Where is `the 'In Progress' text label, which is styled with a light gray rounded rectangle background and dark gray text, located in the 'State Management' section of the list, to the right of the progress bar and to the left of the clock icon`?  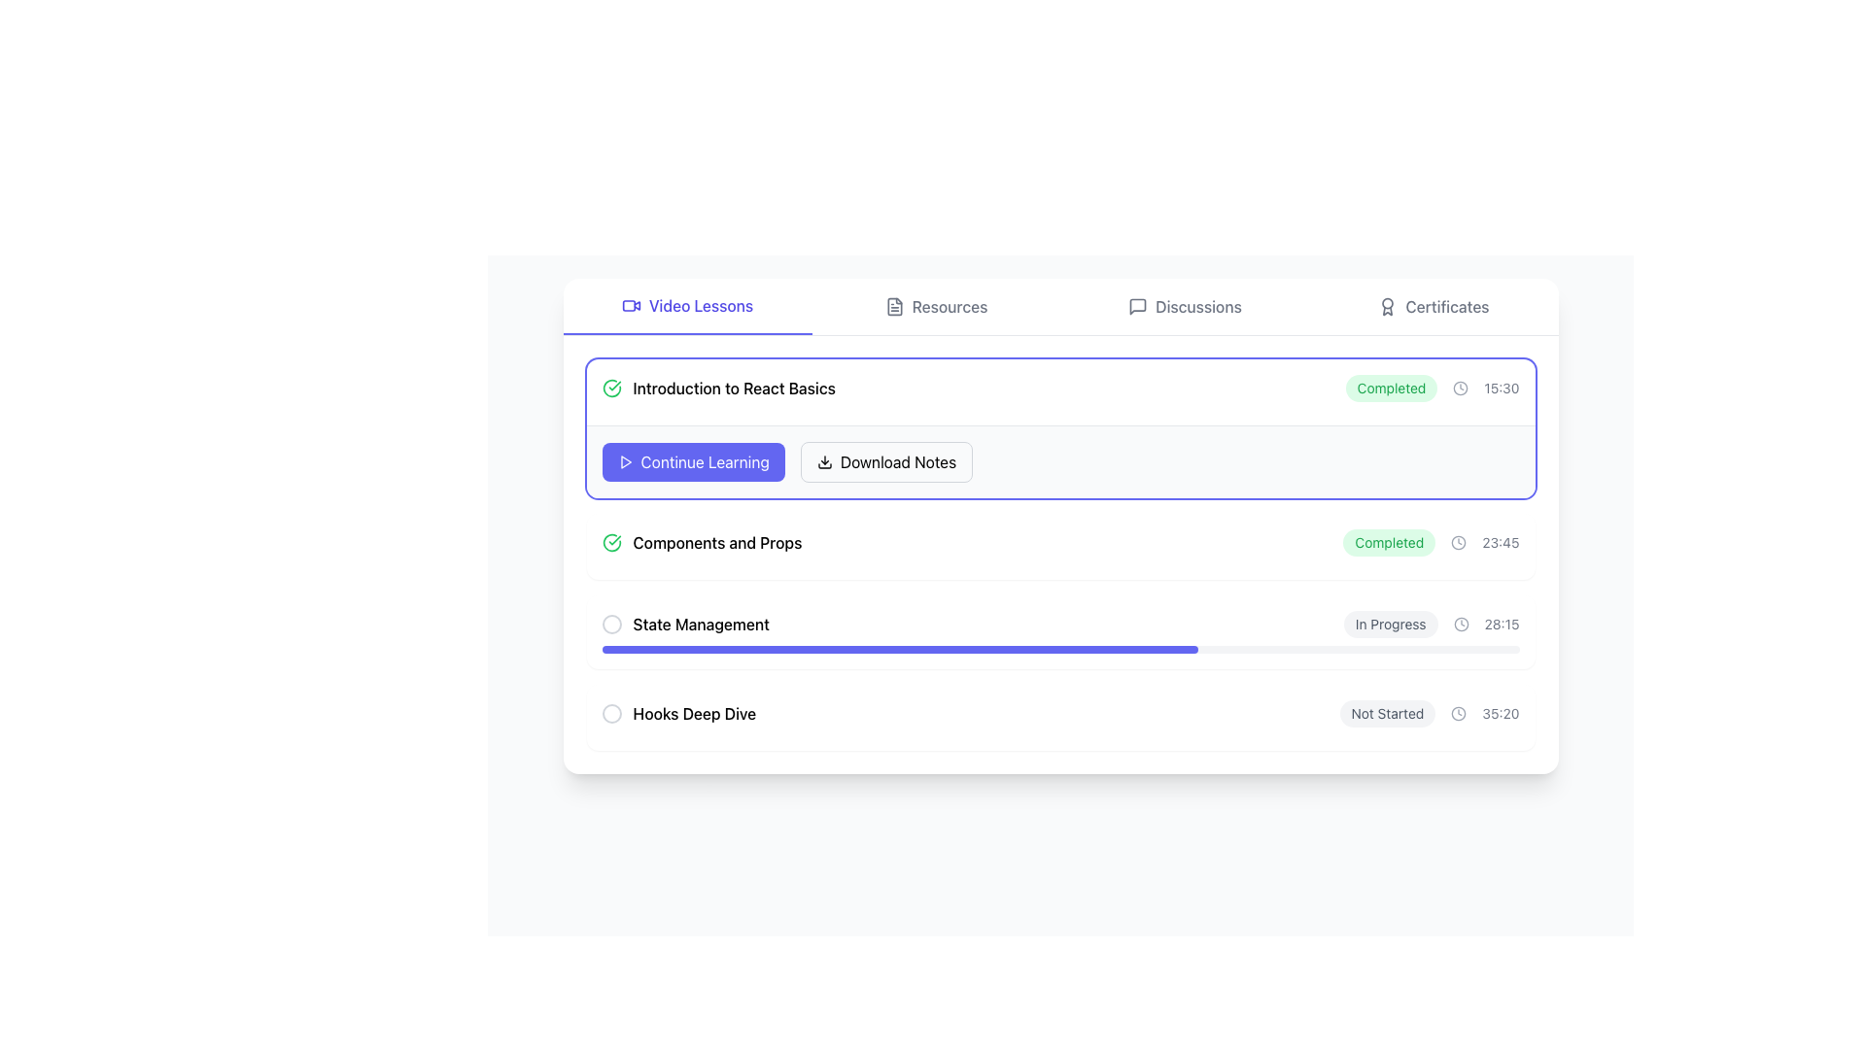 the 'In Progress' text label, which is styled with a light gray rounded rectangle background and dark gray text, located in the 'State Management' section of the list, to the right of the progress bar and to the left of the clock icon is located at coordinates (1390, 625).